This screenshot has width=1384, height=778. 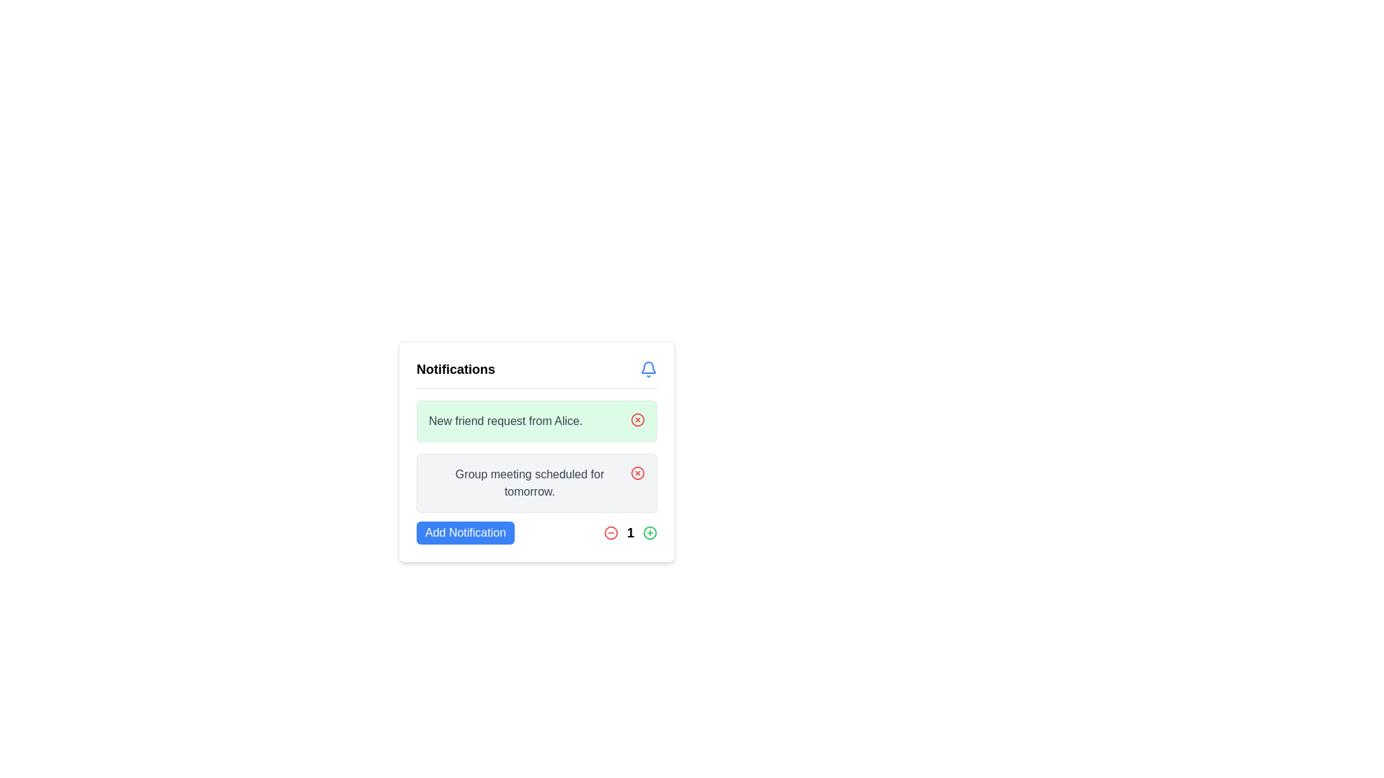 What do you see at coordinates (648, 369) in the screenshot?
I see `the blue bell-shaped icon located` at bounding box center [648, 369].